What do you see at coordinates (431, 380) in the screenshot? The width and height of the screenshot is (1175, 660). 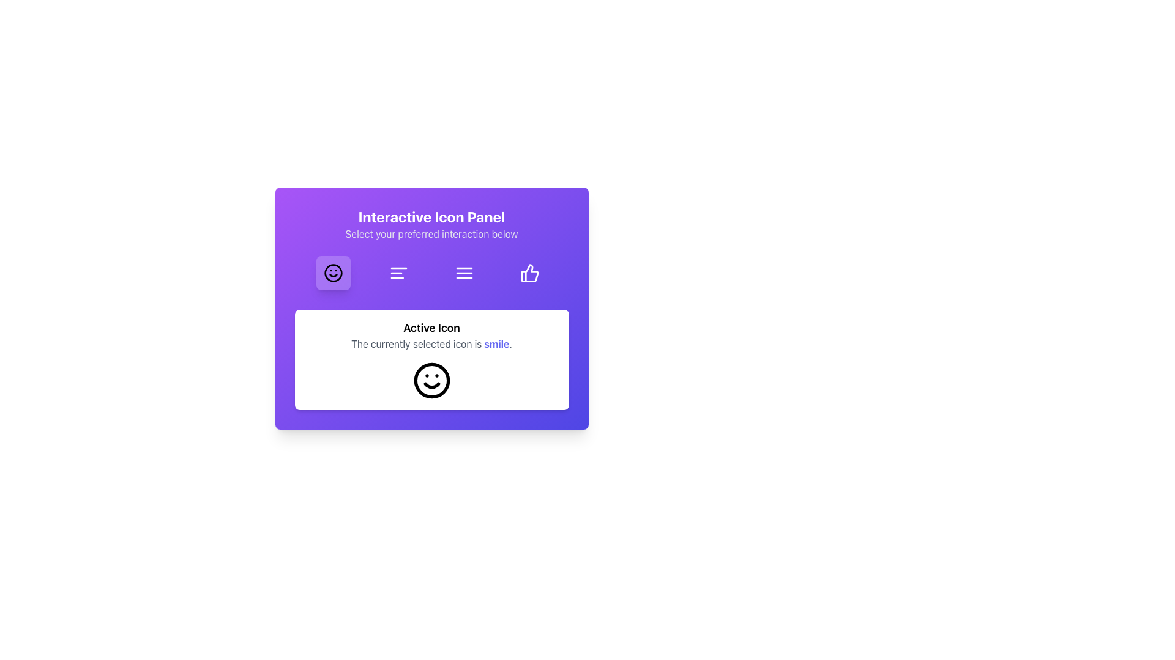 I see `the 'smile' icon which indicates a selected or active state within the interface` at bounding box center [431, 380].